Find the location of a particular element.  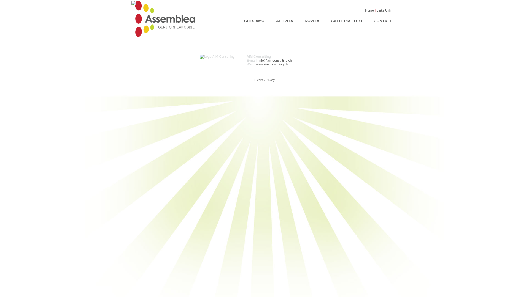

'www.aimconsulting.ch' is located at coordinates (271, 64).